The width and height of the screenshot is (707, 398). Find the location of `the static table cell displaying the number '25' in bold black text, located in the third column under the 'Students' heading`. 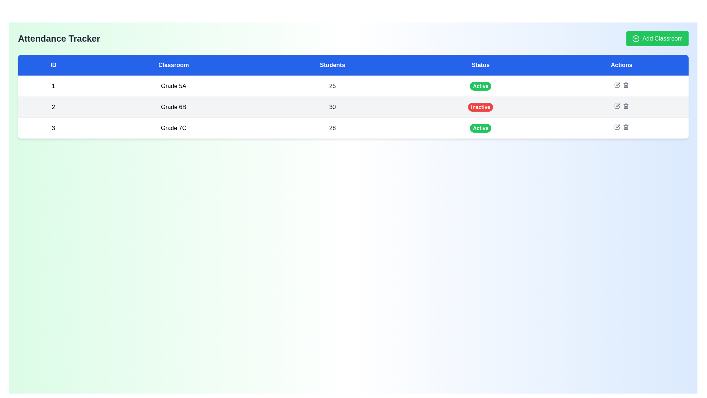

the static table cell displaying the number '25' in bold black text, located in the third column under the 'Students' heading is located at coordinates (332, 86).